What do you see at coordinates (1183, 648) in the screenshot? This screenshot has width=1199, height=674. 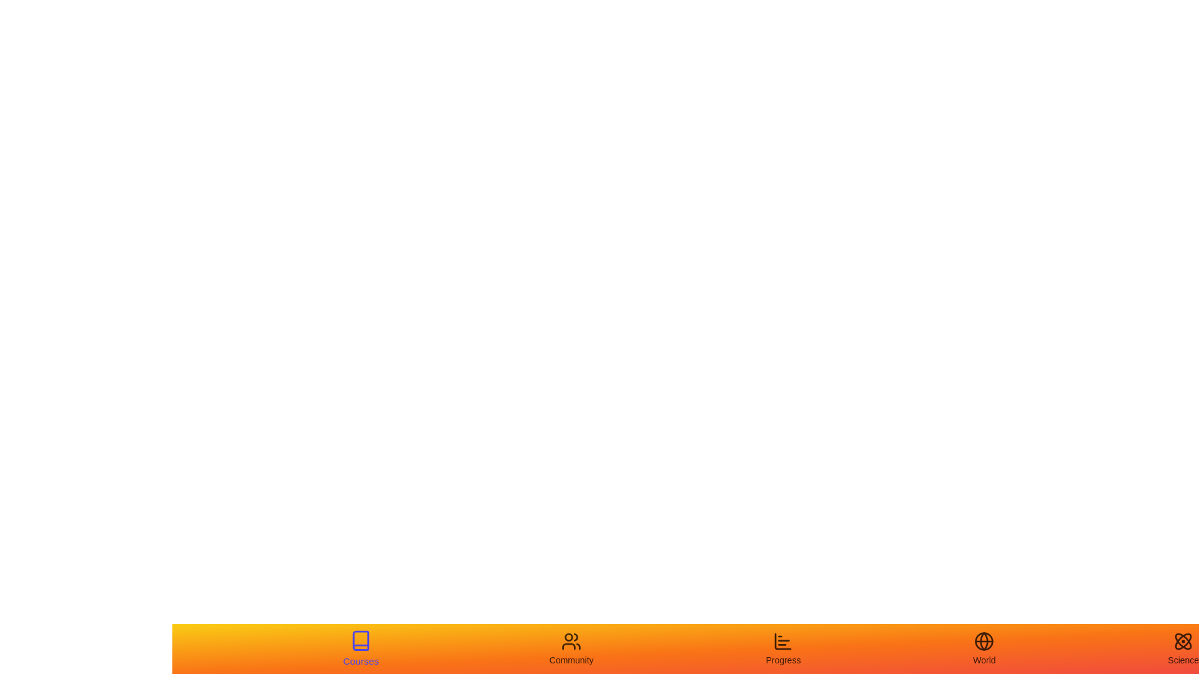 I see `the Science tab to view its hover effect` at bounding box center [1183, 648].